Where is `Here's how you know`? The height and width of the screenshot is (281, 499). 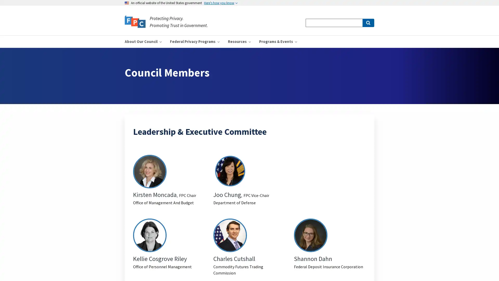 Here's how you know is located at coordinates (221, 3).